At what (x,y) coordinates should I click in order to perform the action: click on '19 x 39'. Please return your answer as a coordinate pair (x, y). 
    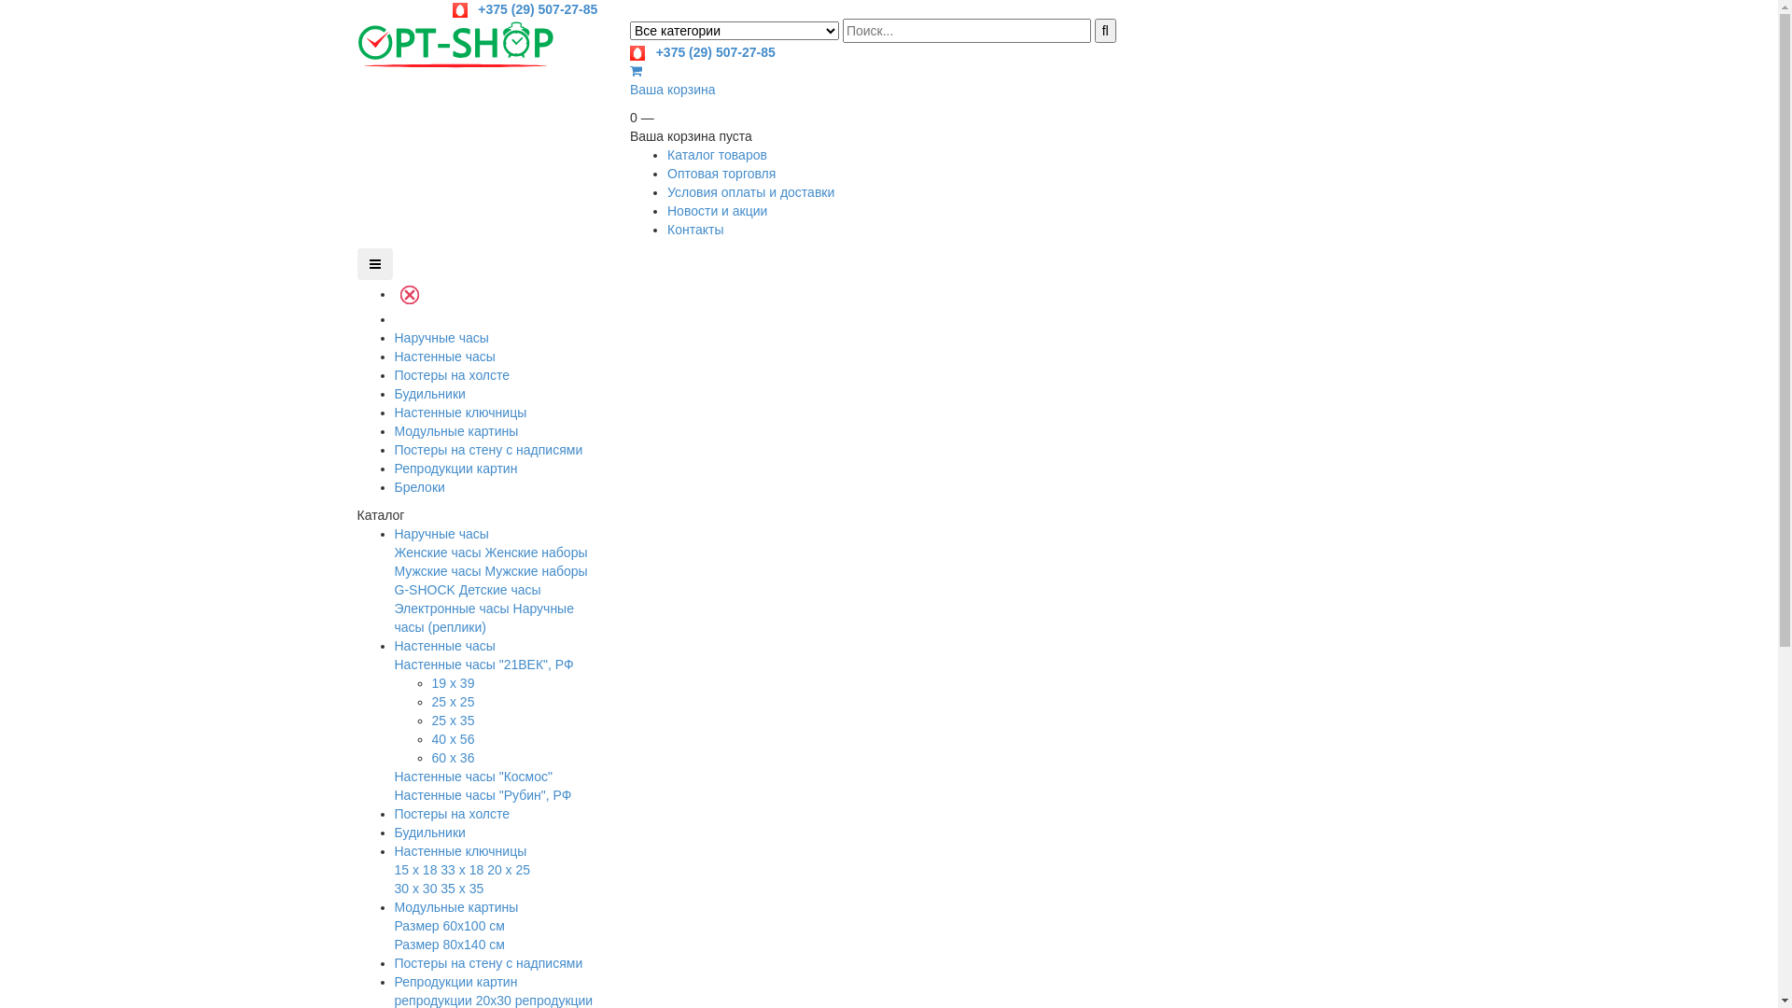
    Looking at the image, I should click on (452, 683).